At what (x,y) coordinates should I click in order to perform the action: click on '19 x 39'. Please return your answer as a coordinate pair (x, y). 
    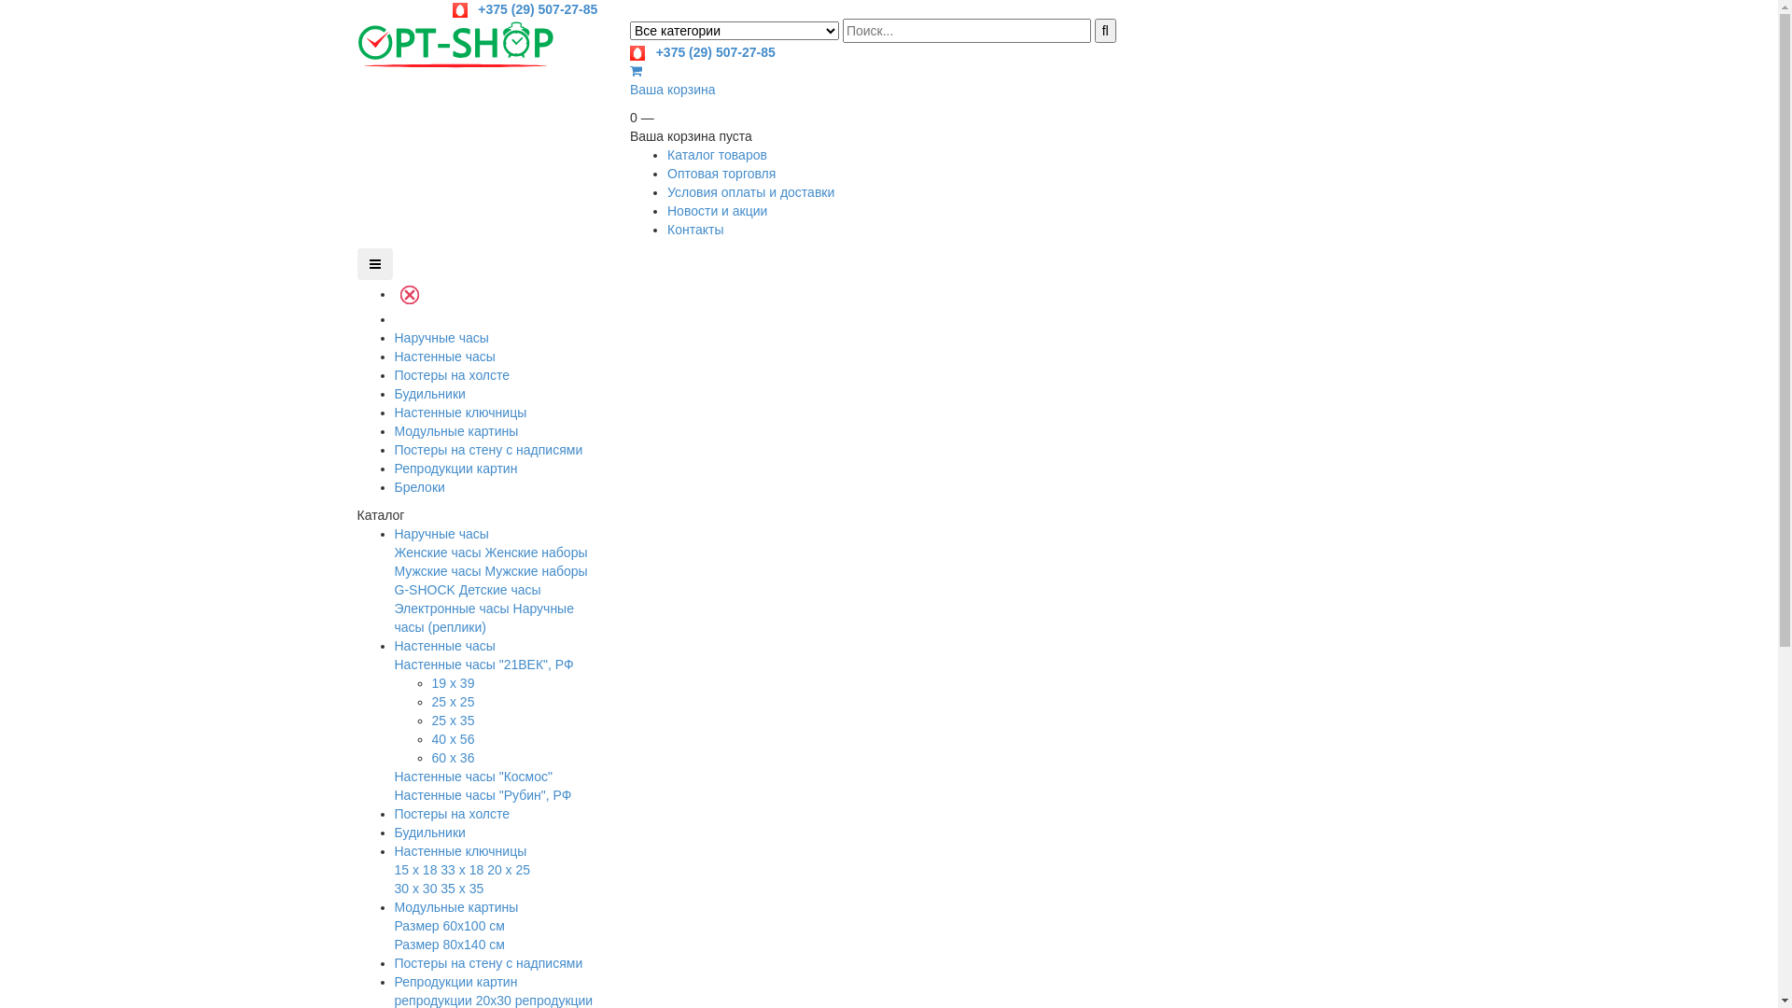
    Looking at the image, I should click on (452, 683).